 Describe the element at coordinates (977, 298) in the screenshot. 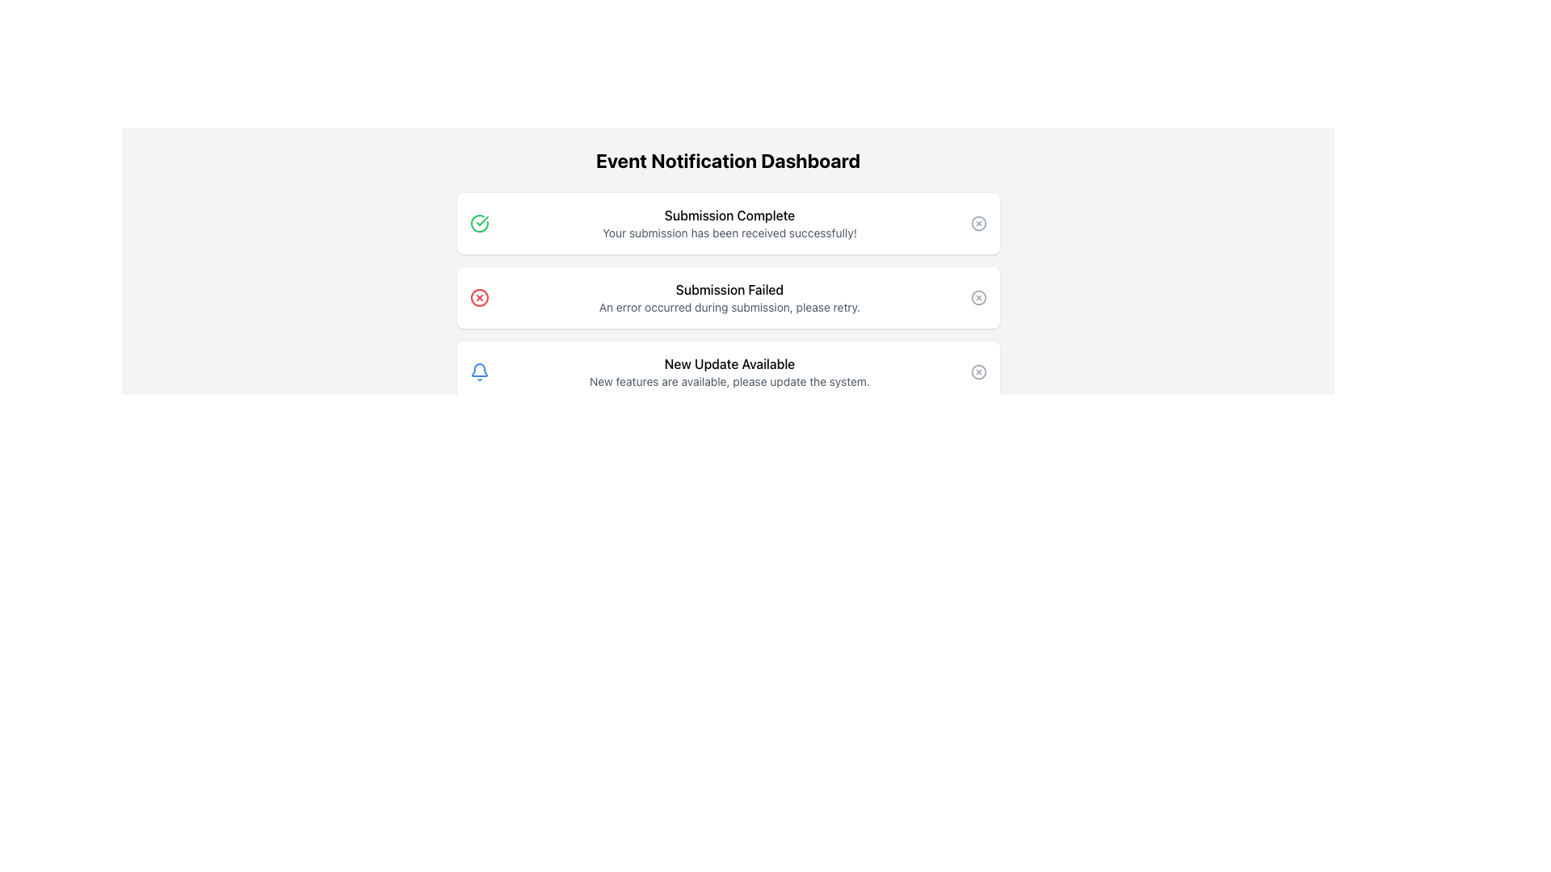

I see `the close button located on the right side of the 'Submission Failed' notification to change its icon color` at that location.